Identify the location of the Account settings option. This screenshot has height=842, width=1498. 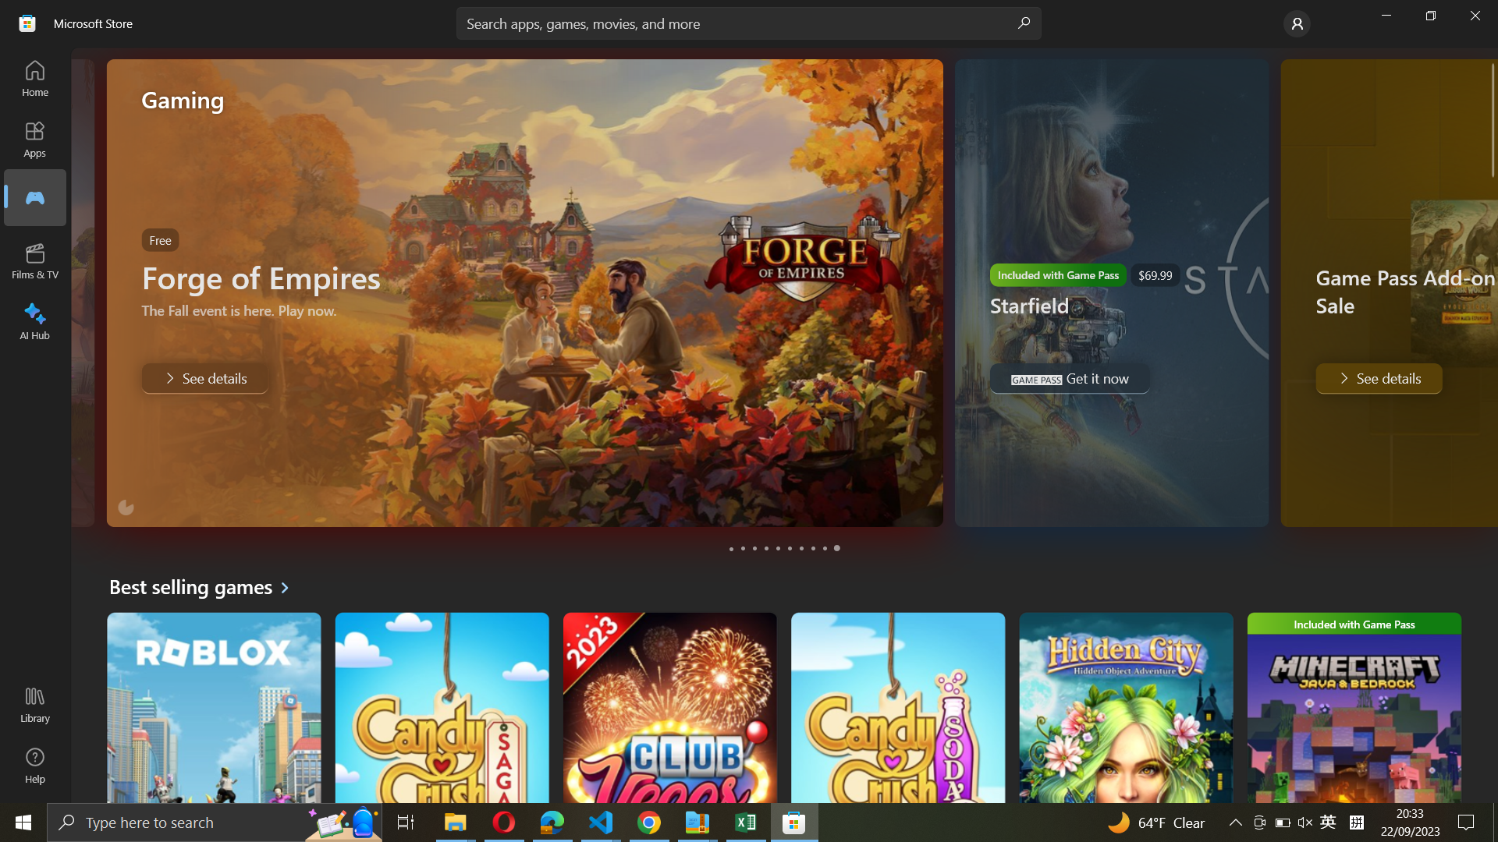
(1295, 23).